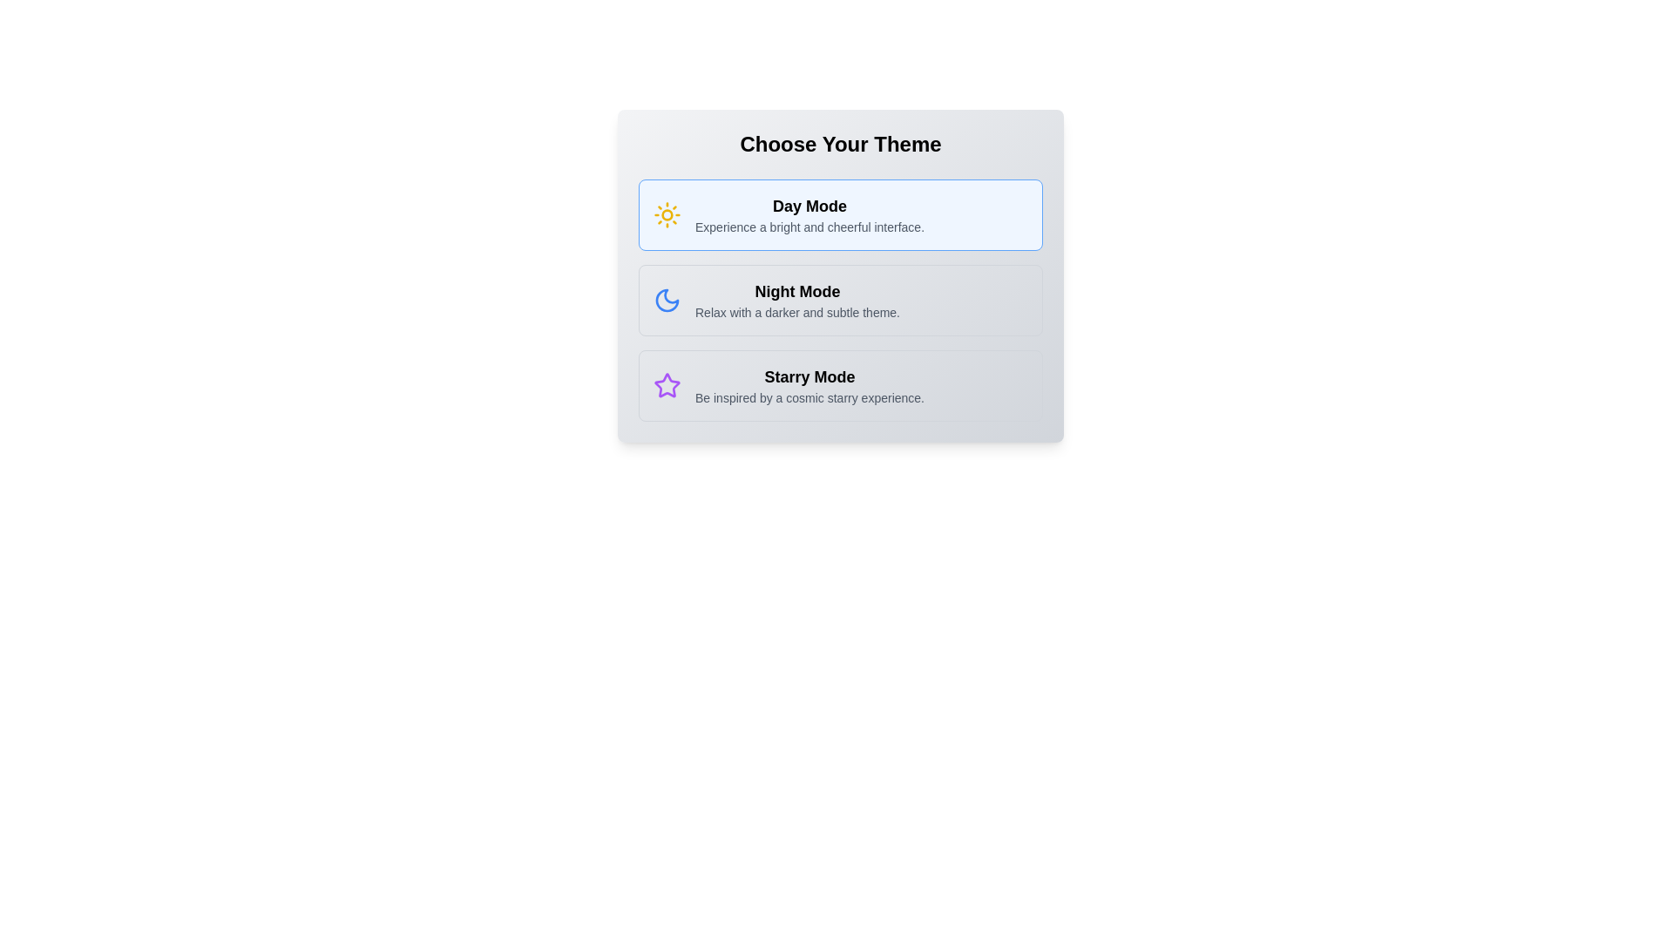  Describe the element at coordinates (840, 213) in the screenshot. I see `the 'Day Mode' theme option located at the top of the list of theme options` at that location.